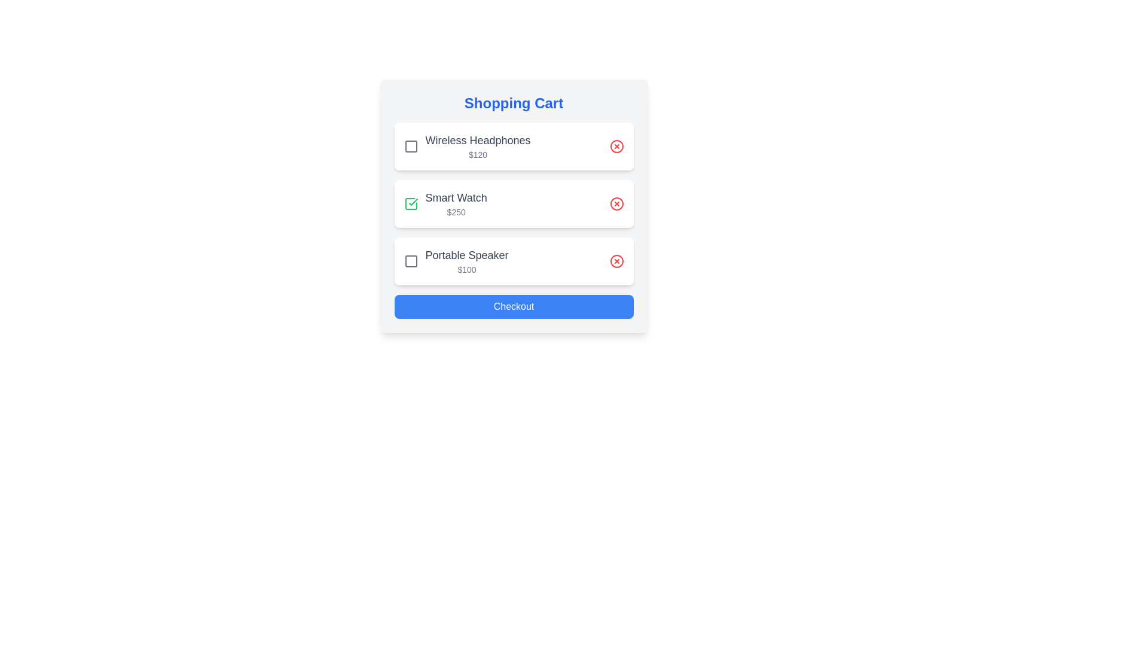  I want to click on the 'Checkout' button to proceed to checkout, so click(514, 306).